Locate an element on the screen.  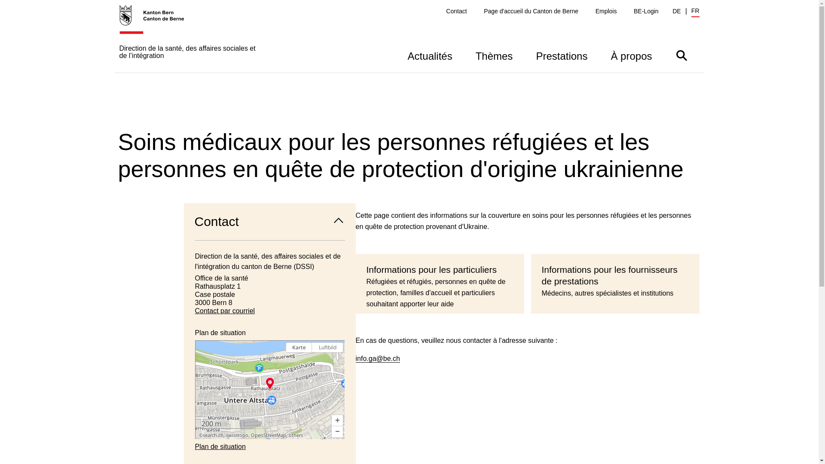
'Emplois' is located at coordinates (606, 11).